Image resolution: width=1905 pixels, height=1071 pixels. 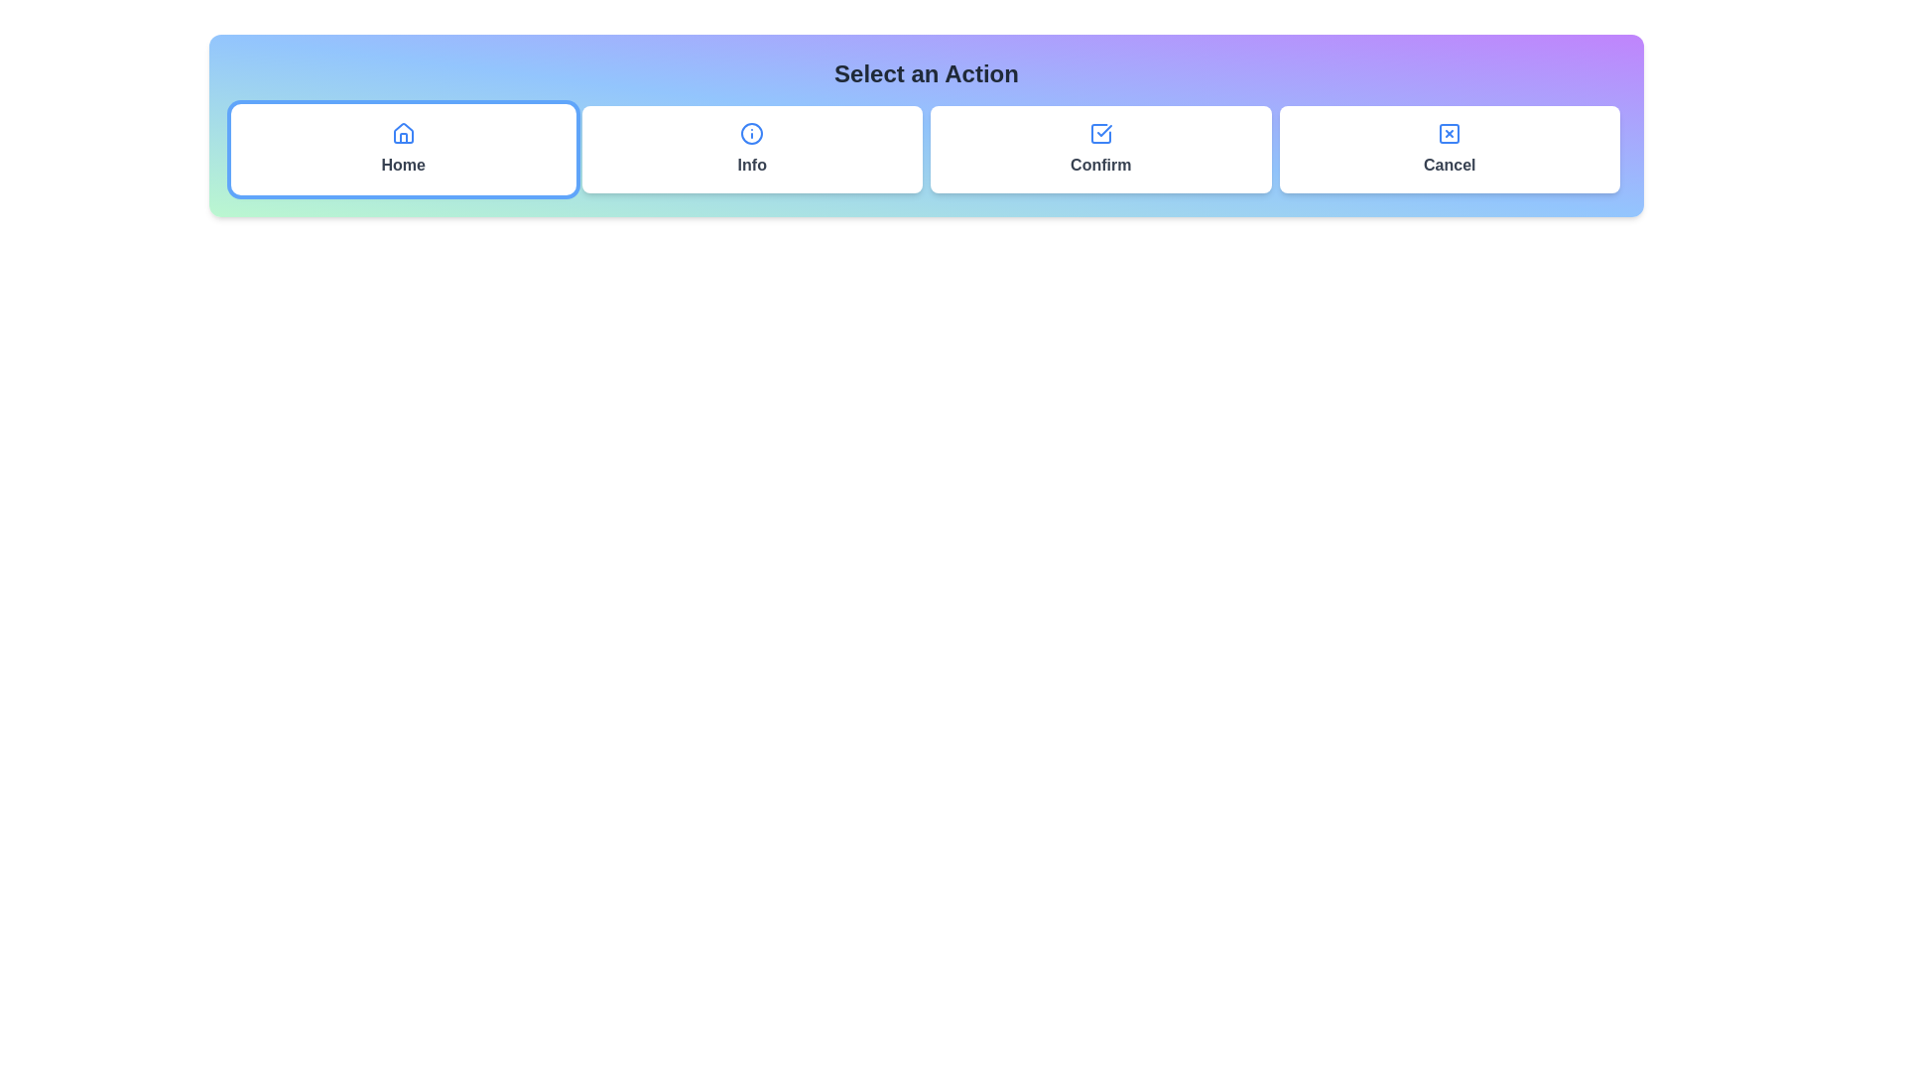 I want to click on the Confirm button to change the active icon, so click(x=1099, y=148).